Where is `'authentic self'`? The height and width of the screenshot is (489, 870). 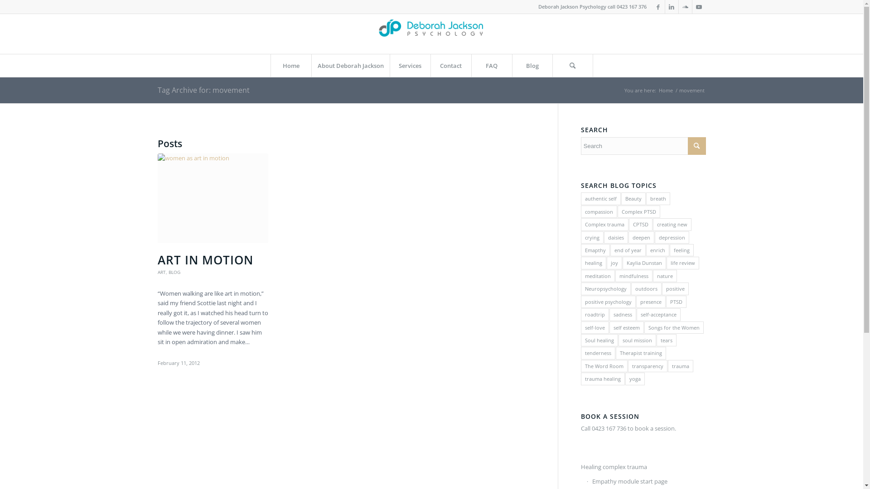 'authentic self' is located at coordinates (580, 198).